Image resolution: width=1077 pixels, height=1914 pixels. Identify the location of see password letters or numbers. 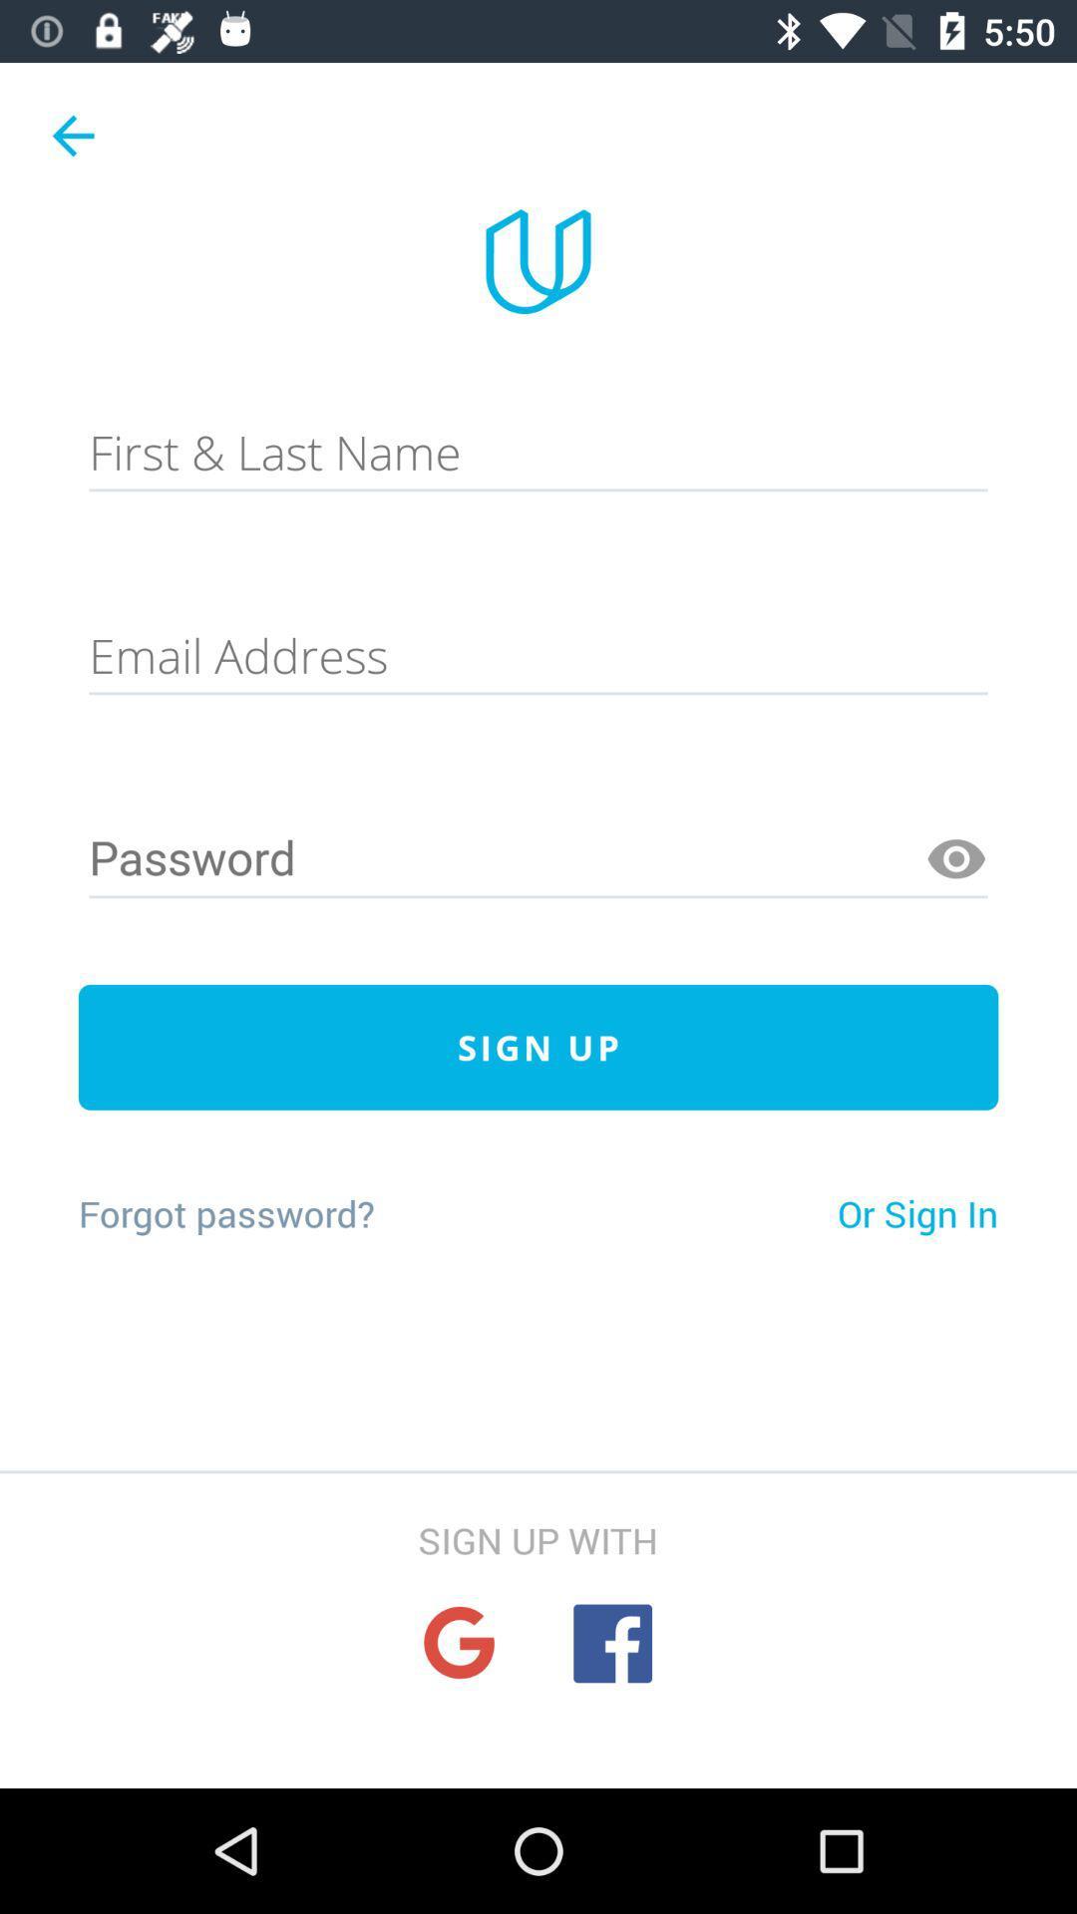
(955, 859).